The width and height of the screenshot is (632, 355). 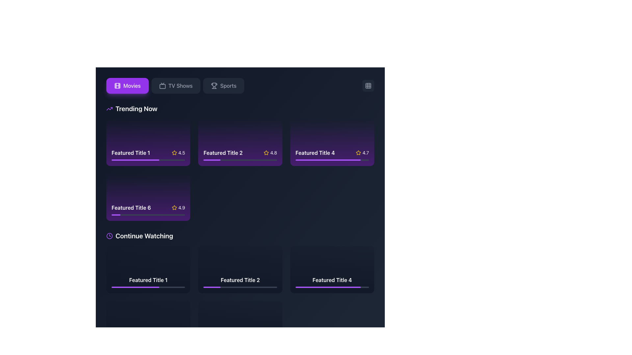 I want to click on the purple progress bar located beneath the 'Featured Title 4' in the 'Trending Now' section, which is styled with rounded edges and indicates progress visually, so click(x=328, y=160).